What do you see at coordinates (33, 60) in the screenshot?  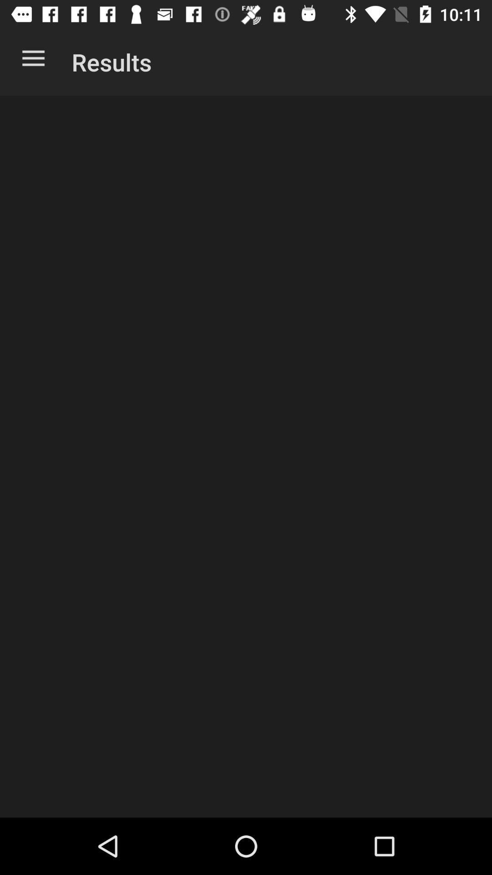 I see `item next to the results` at bounding box center [33, 60].